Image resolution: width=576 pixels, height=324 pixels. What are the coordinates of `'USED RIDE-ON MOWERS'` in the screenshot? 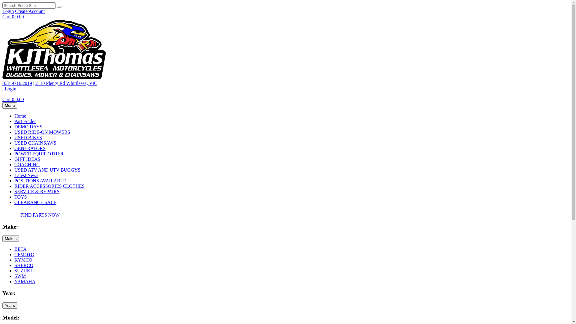 It's located at (42, 132).